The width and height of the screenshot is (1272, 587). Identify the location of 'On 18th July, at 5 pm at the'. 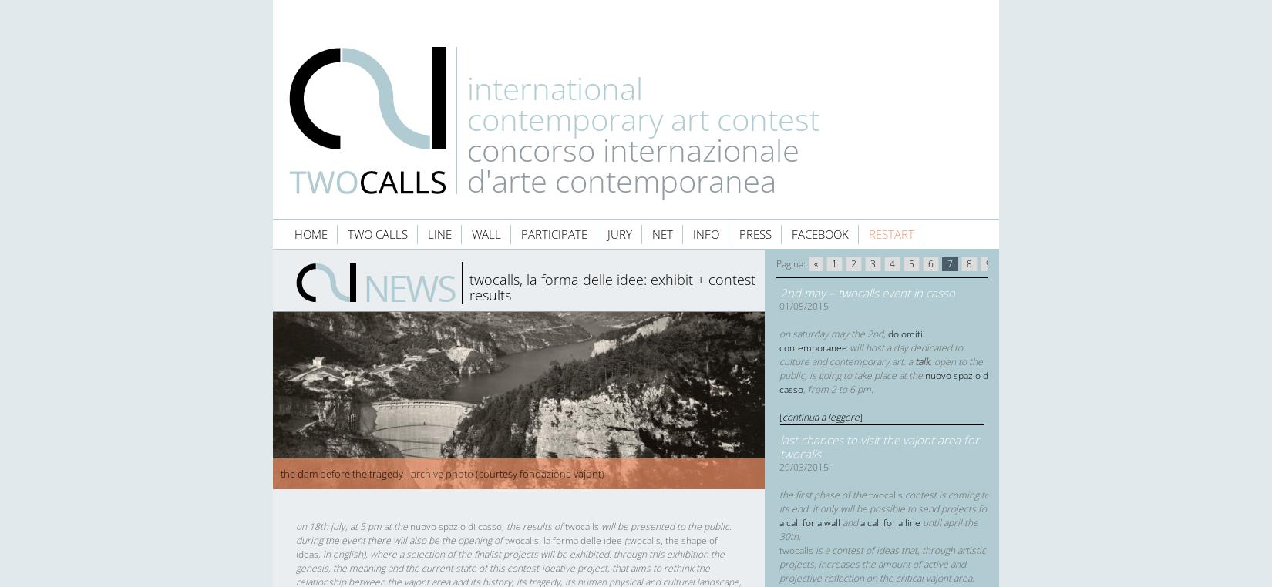
(352, 525).